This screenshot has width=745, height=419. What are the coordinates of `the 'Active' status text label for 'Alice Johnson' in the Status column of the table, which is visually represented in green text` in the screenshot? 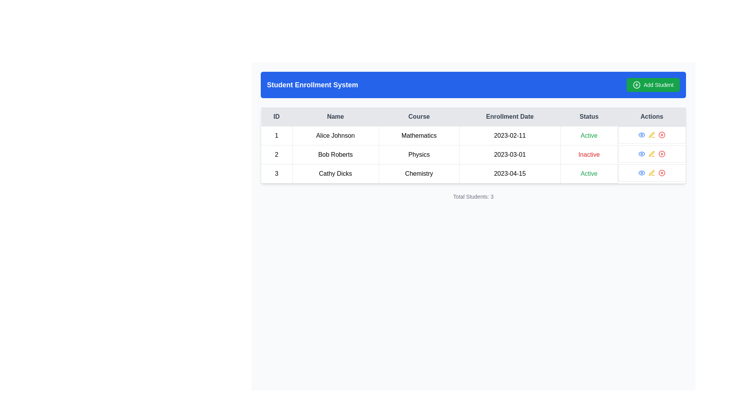 It's located at (589, 135).